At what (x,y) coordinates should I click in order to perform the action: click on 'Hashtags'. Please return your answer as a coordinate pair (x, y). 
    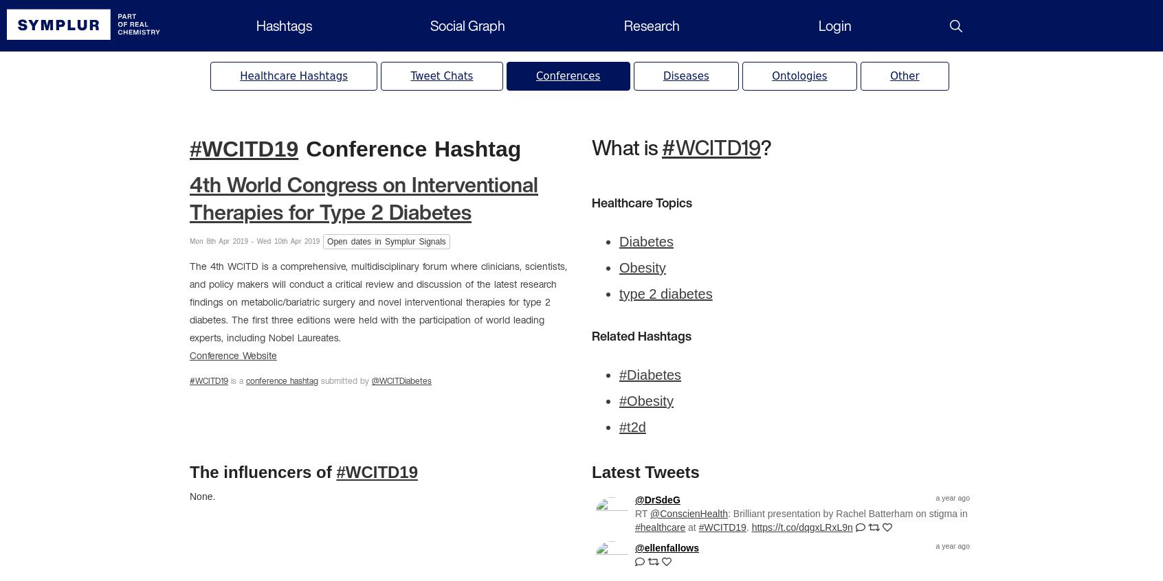
    Looking at the image, I should click on (284, 25).